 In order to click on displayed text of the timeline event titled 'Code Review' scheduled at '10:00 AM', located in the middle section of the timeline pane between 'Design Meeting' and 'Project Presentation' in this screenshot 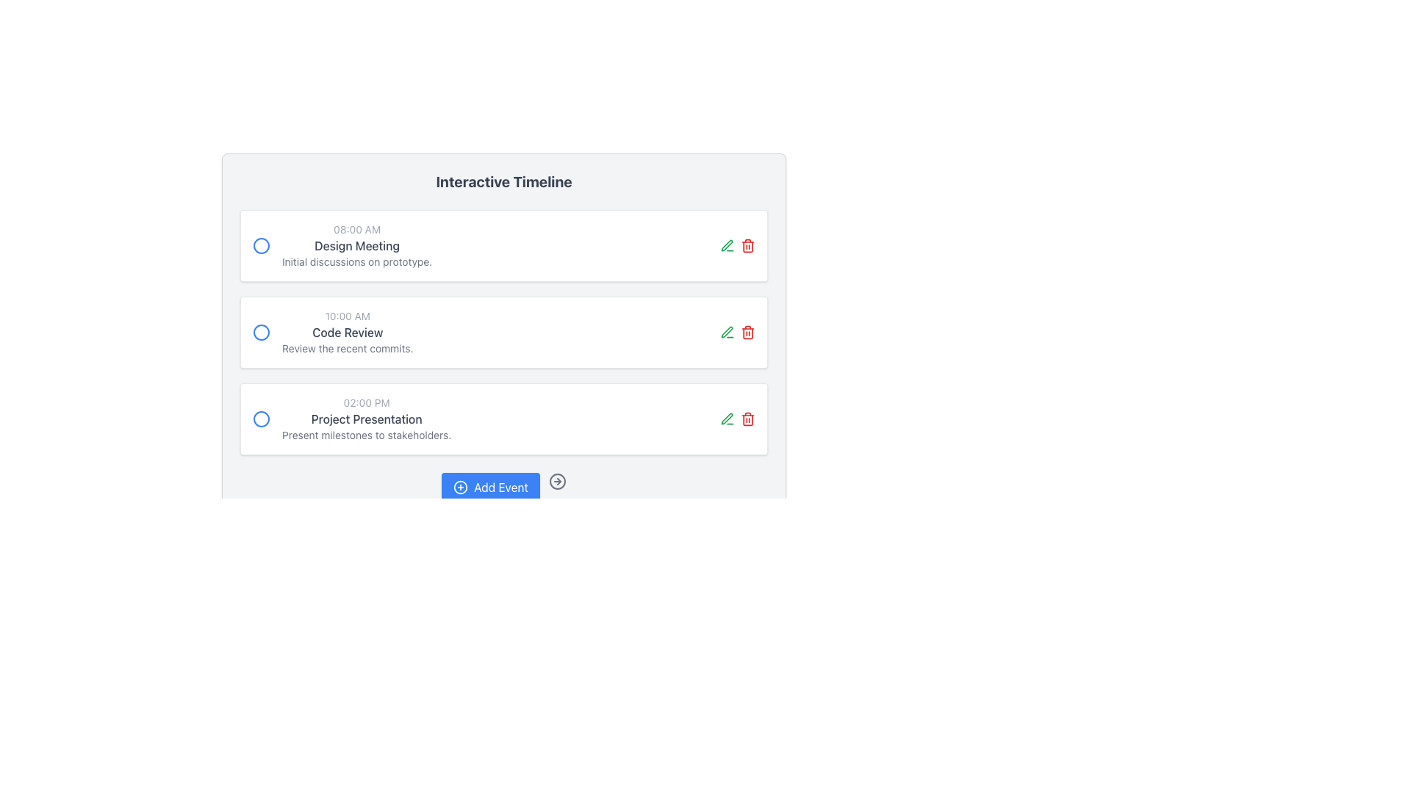, I will do `click(332, 332)`.